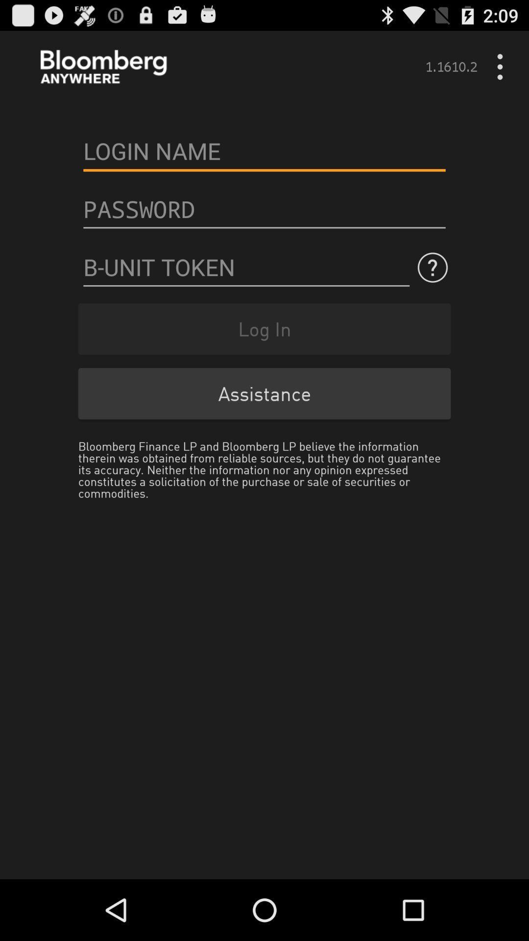  I want to click on b-unit token, so click(246, 268).